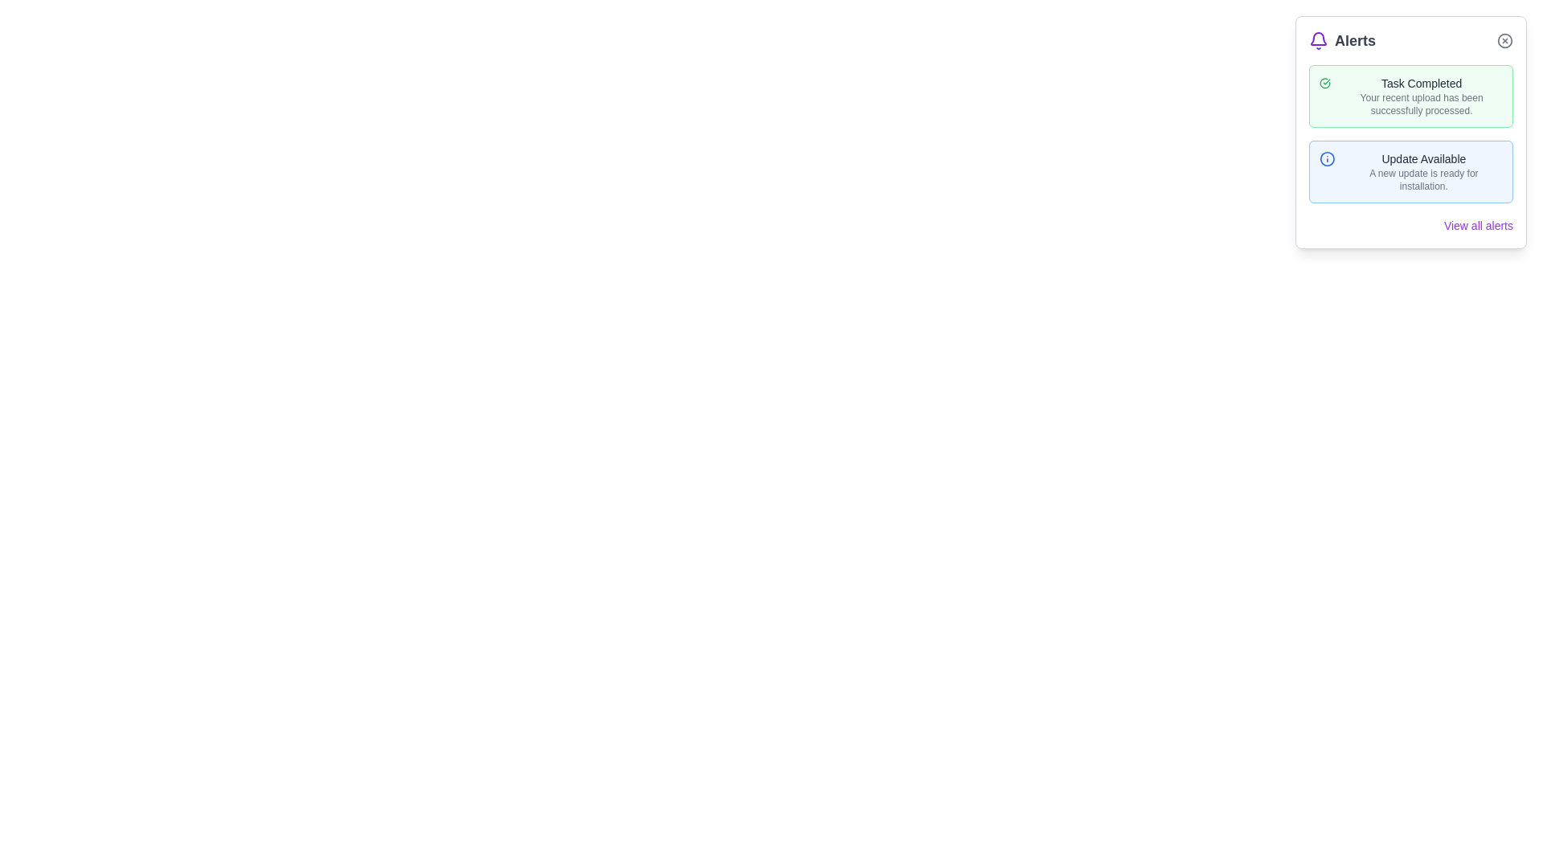 This screenshot has width=1543, height=868. What do you see at coordinates (1423, 158) in the screenshot?
I see `the notification title text label in the 'Alerts' section, which provides a summary of an available update` at bounding box center [1423, 158].